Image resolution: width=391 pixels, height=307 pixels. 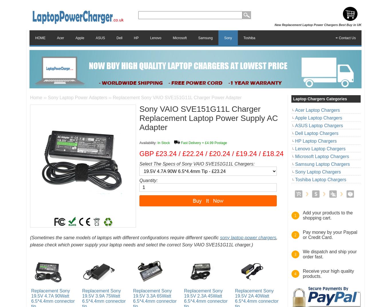 I want to click on 'Dell Laptop Chargers', so click(x=316, y=133).